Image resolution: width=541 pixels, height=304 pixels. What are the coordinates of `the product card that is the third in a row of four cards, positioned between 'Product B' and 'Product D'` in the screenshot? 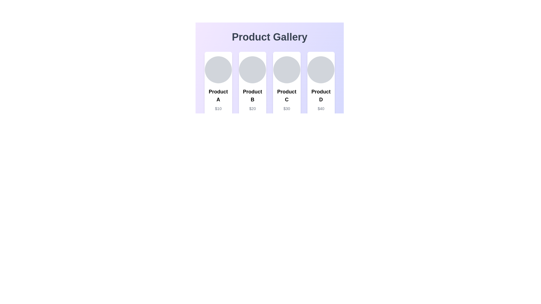 It's located at (287, 91).